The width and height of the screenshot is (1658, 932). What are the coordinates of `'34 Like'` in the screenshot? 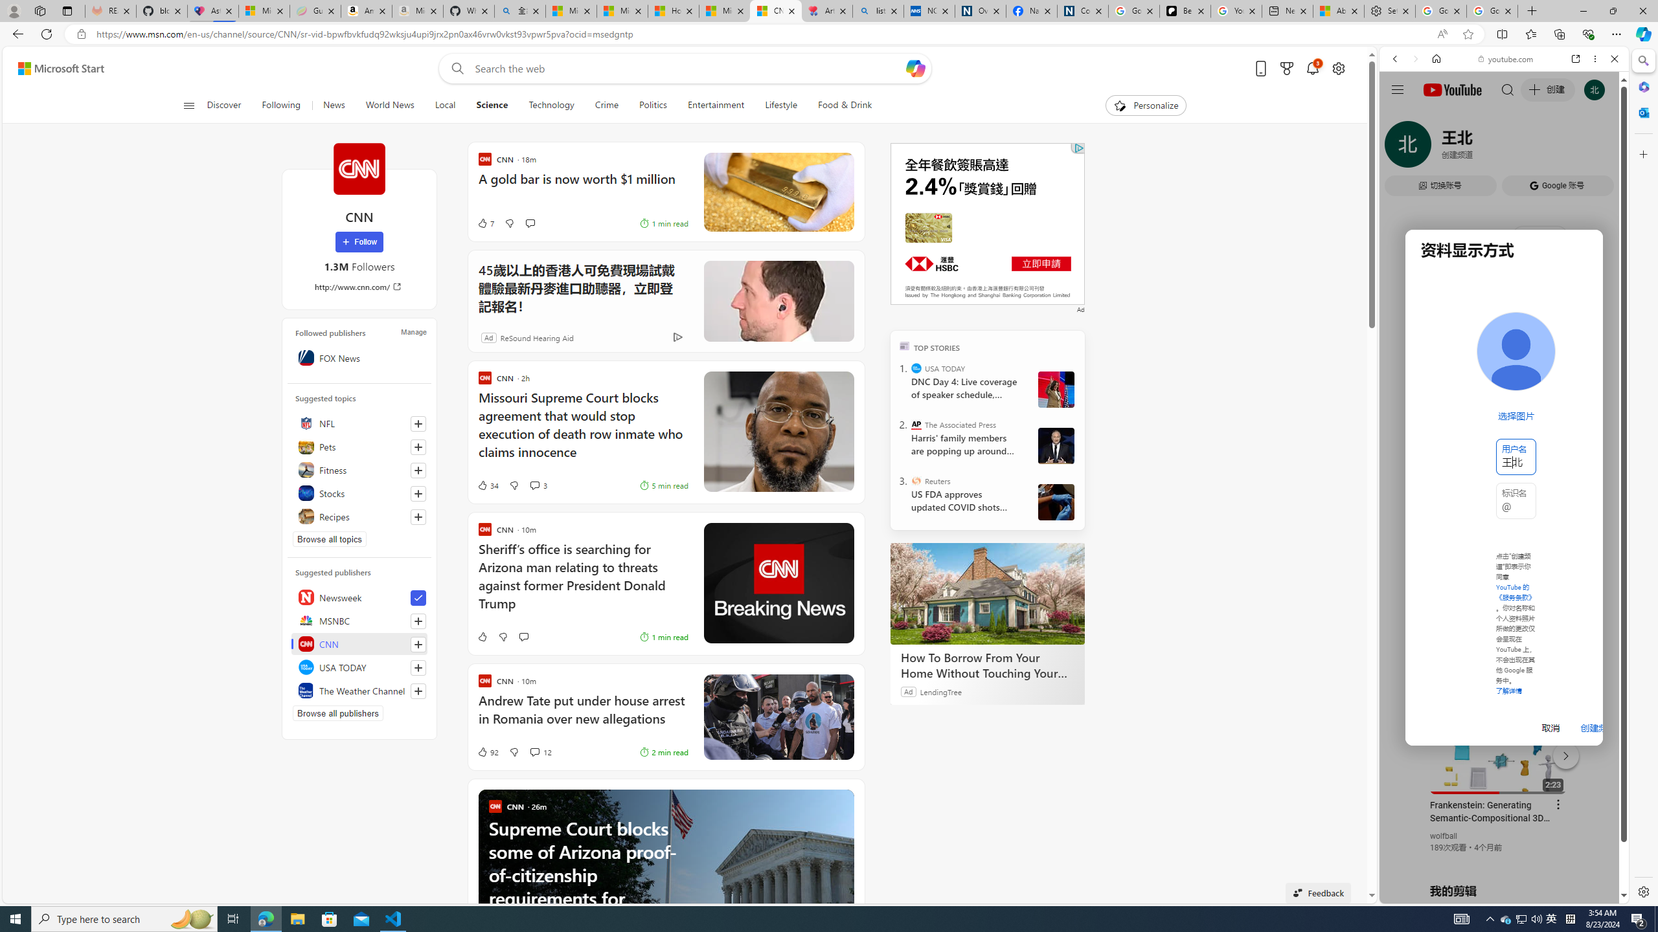 It's located at (486, 485).